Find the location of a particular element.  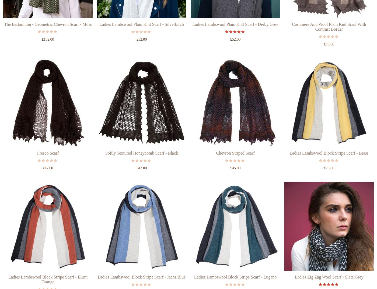

'Ladies Lambswool Plain Knit Scarf - Derby Grey' is located at coordinates (235, 44).